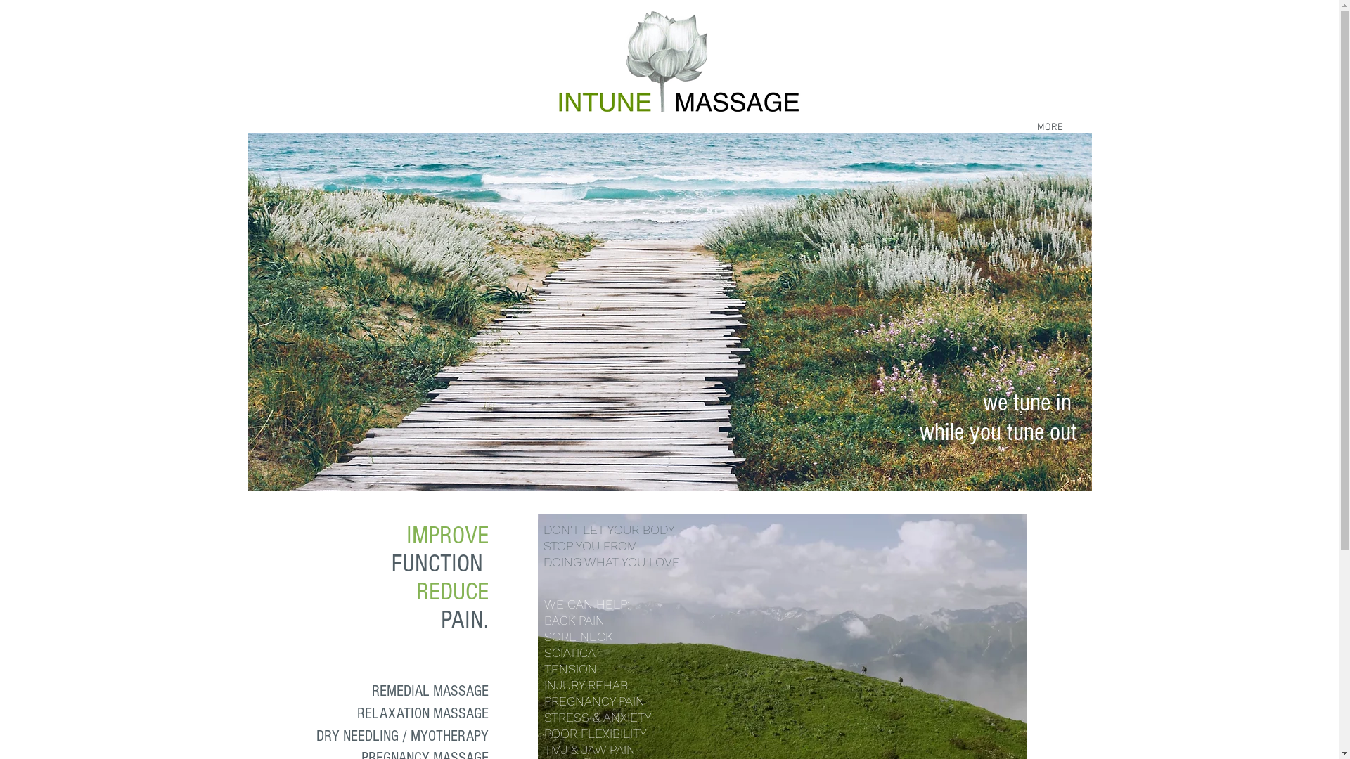 The image size is (1350, 759). I want to click on 'POOR FLEXIBILITY', so click(595, 732).